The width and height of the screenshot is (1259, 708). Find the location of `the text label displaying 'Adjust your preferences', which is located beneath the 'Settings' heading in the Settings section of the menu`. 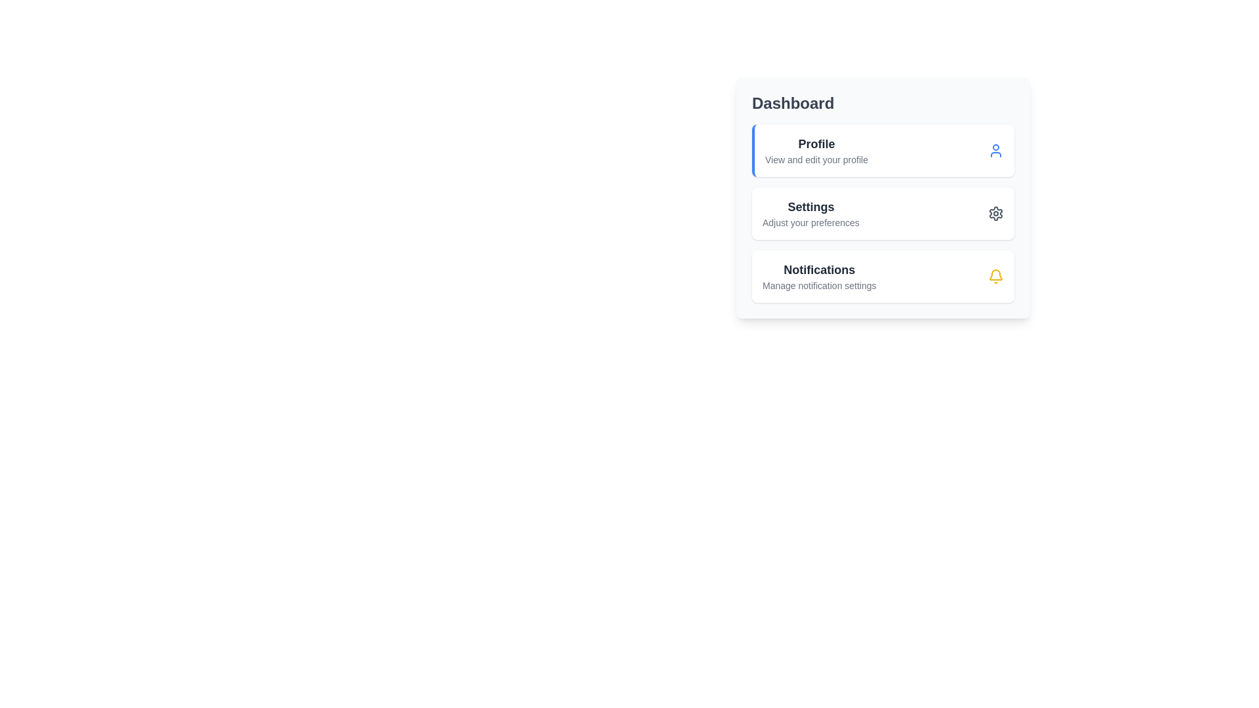

the text label displaying 'Adjust your preferences', which is located beneath the 'Settings' heading in the Settings section of the menu is located at coordinates (810, 222).